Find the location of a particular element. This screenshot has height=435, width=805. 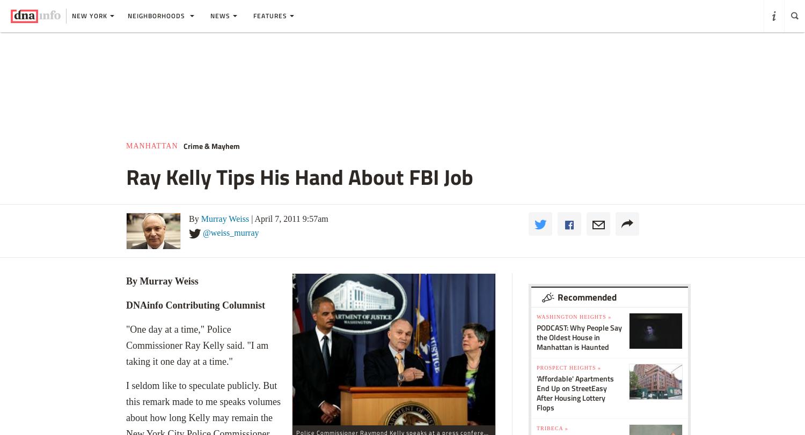

'Prospect Heights »' is located at coordinates (569, 367).